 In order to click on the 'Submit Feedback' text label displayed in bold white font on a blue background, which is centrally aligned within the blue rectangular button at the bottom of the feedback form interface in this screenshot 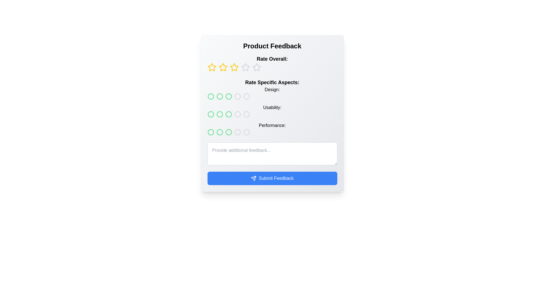, I will do `click(276, 178)`.